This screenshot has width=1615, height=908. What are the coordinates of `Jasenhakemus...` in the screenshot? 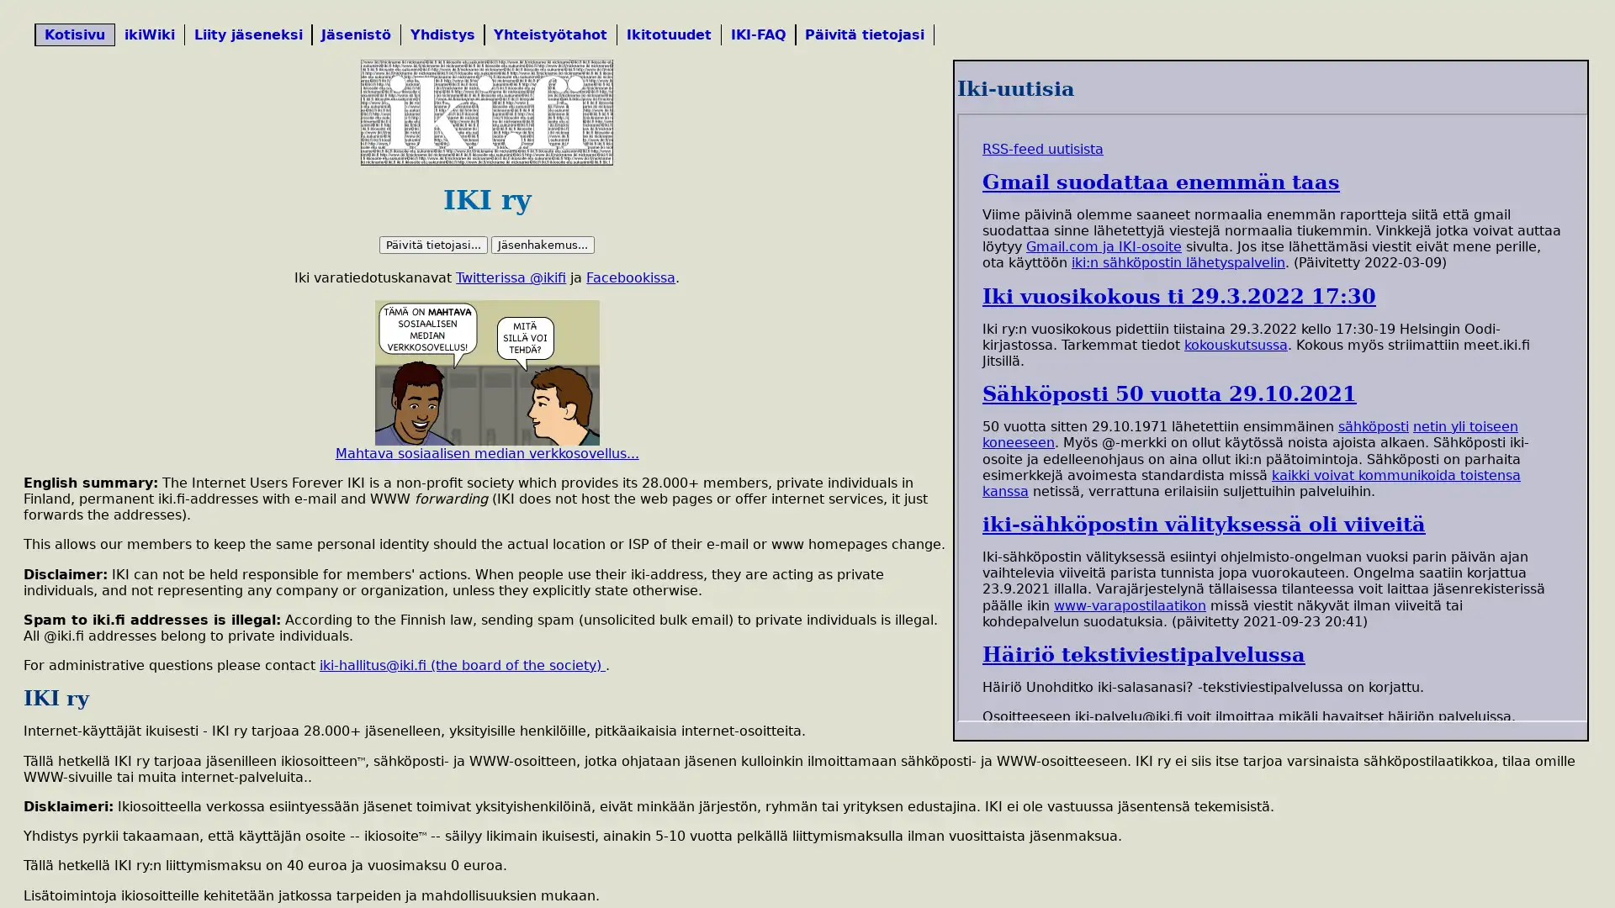 It's located at (543, 245).